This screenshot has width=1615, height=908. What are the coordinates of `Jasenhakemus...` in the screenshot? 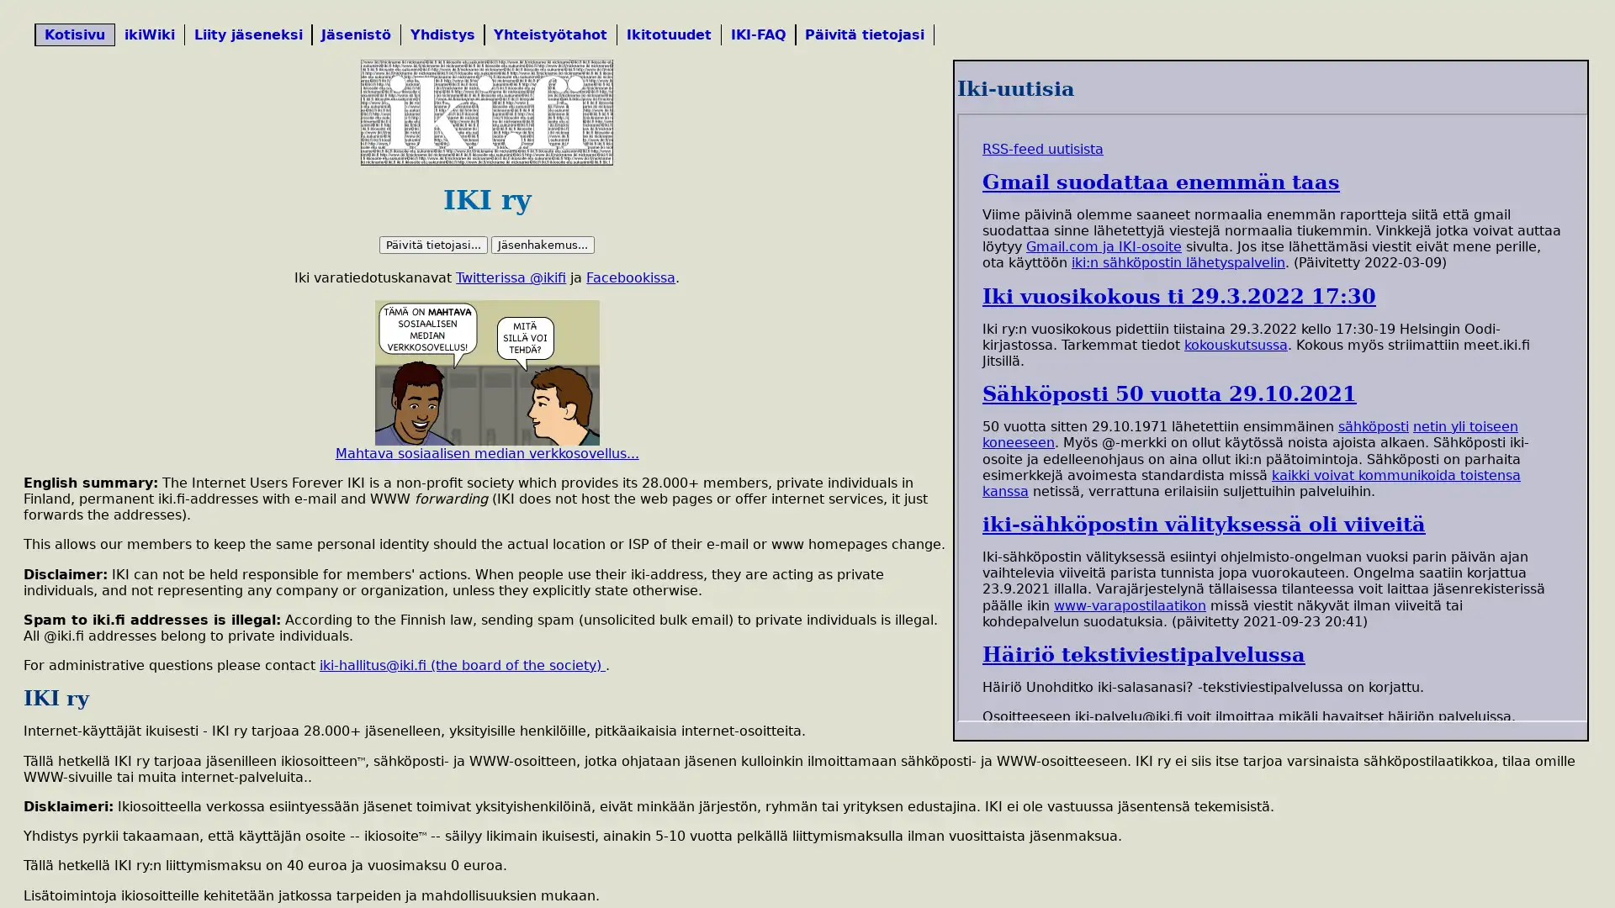 It's located at (543, 245).